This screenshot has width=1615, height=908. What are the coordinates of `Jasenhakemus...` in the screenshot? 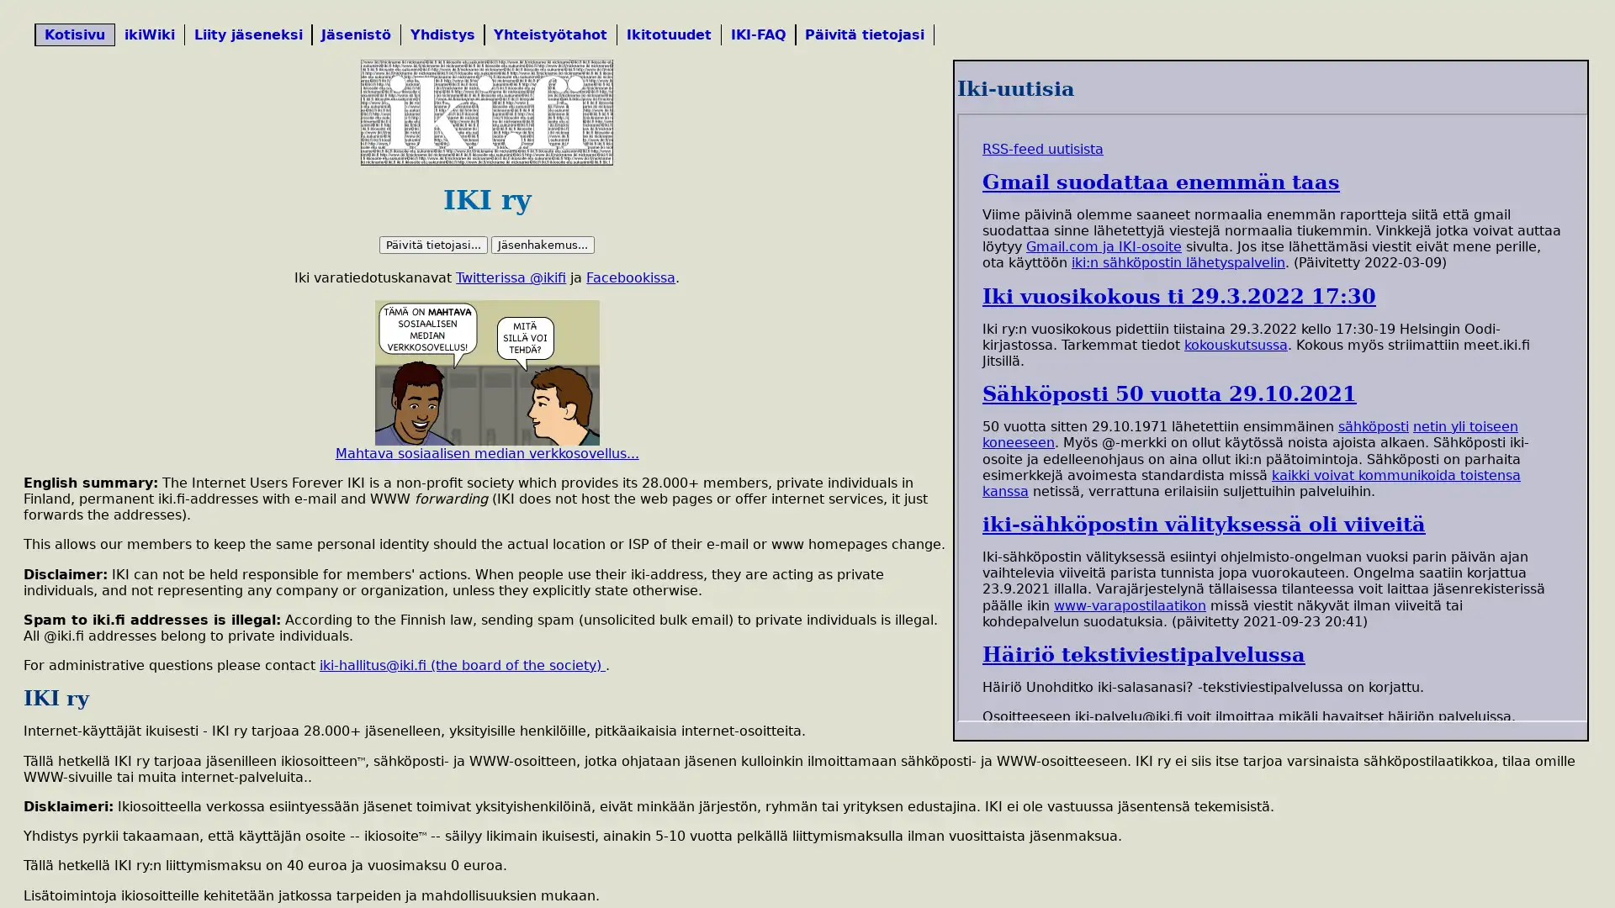 It's located at (543, 245).